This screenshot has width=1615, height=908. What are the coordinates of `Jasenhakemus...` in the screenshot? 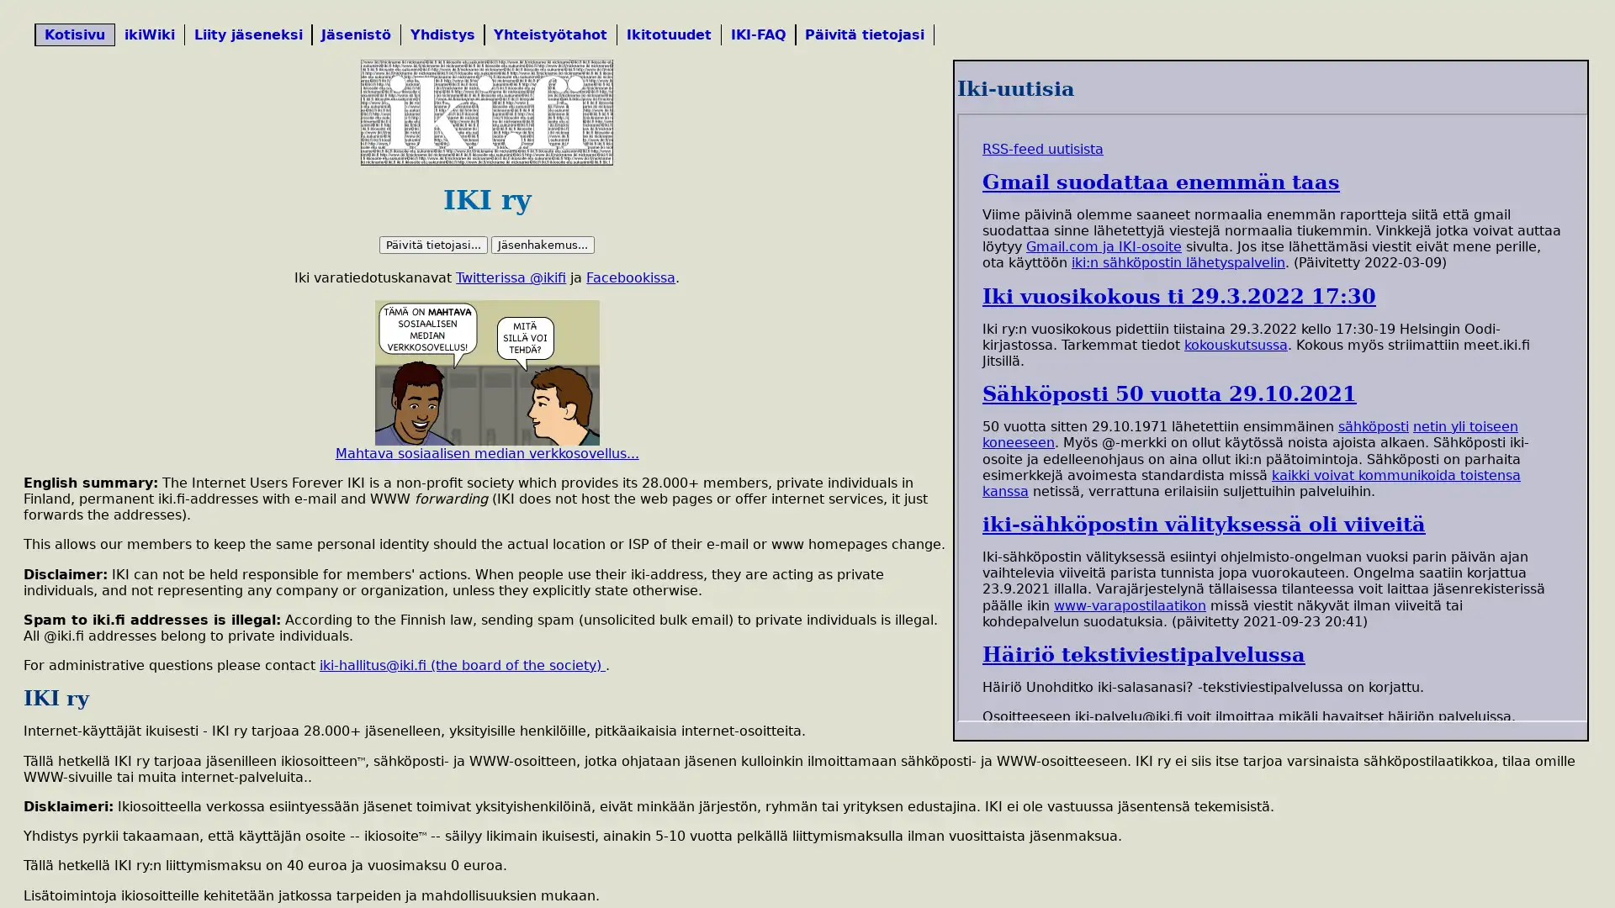 It's located at (543, 245).